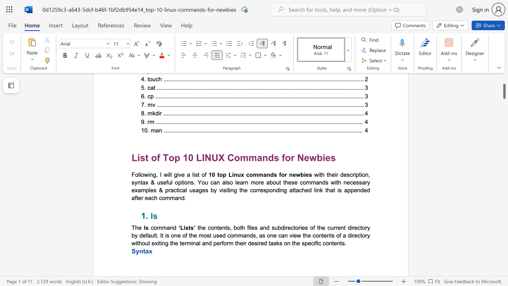  I want to click on the 1th character "." in the text, so click(158, 235).